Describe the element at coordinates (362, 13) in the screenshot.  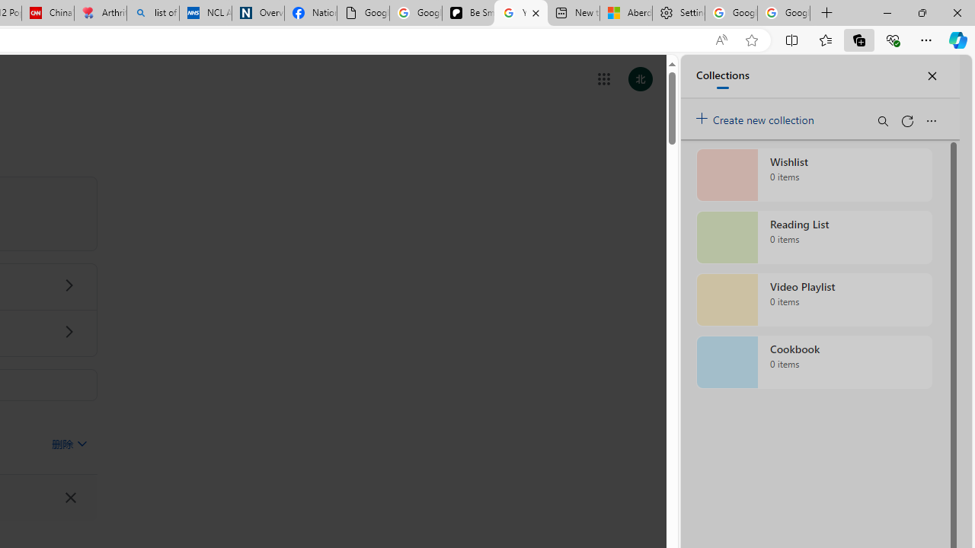
I see `'Google Analytics Opt-out Browser Add-on Download Page'` at that location.